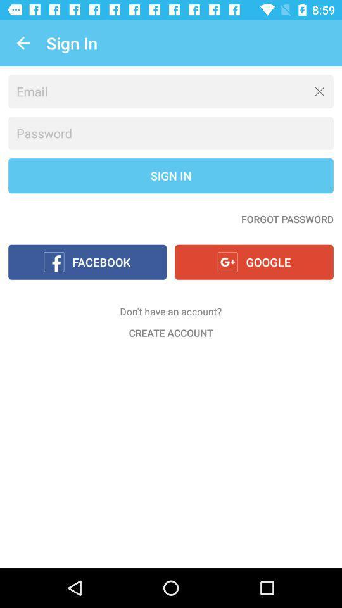 The height and width of the screenshot is (608, 342). Describe the element at coordinates (171, 332) in the screenshot. I see `the create account item` at that location.